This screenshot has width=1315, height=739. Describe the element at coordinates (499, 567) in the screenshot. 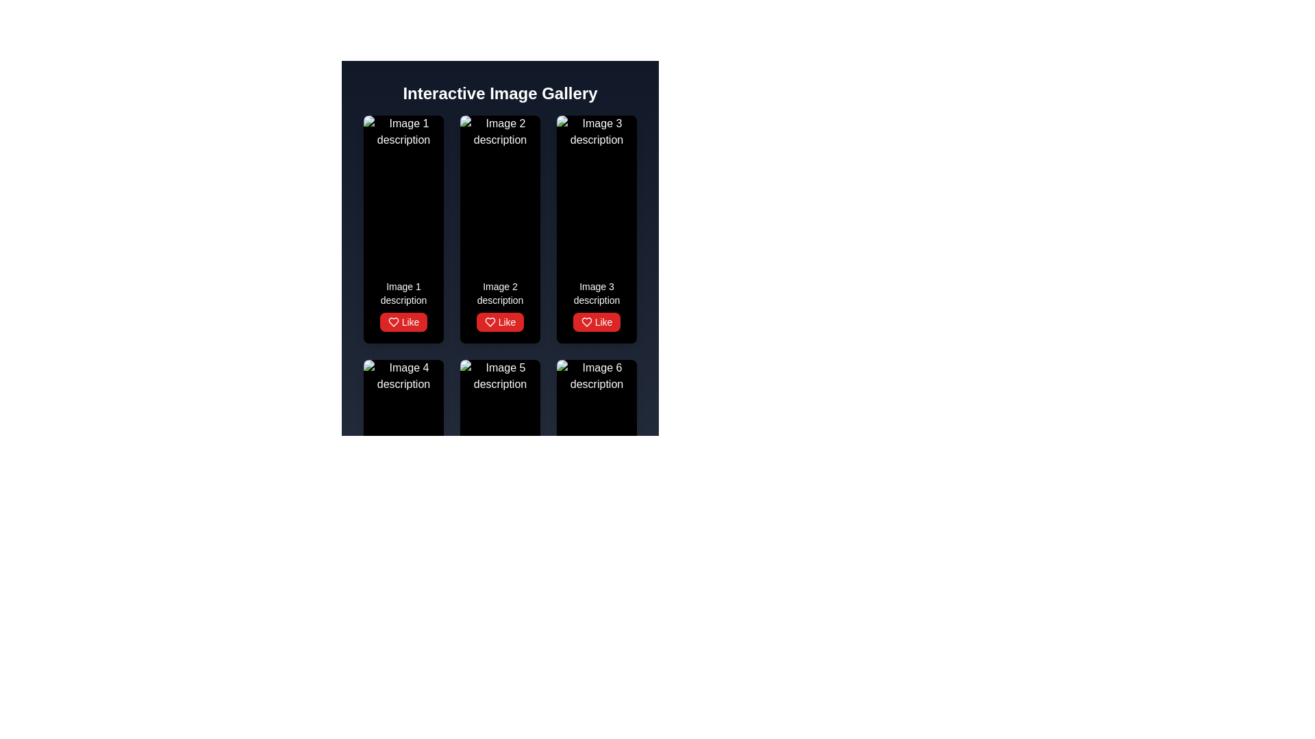

I see `the red 'Like' button with rounded corners, featuring a heart icon and white text, located under the 'Image 5 description'` at that location.